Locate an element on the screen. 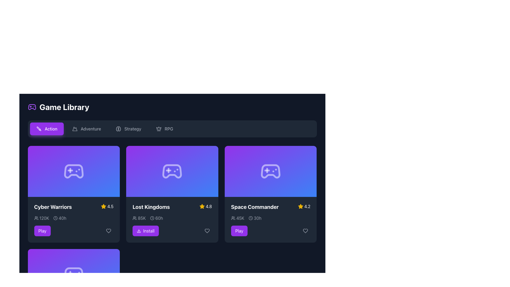 The width and height of the screenshot is (510, 287). the Rating display element that shows a yellow star icon followed by the text '4.5', located next to the title 'Cyber Warriors' in the bottom-left card of the grid is located at coordinates (107, 206).